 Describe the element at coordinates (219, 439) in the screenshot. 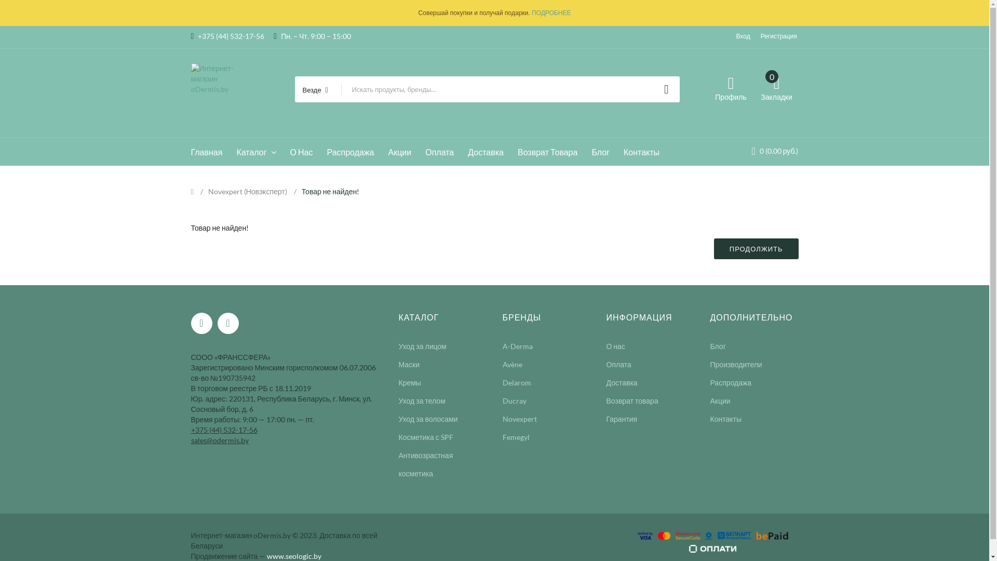

I see `'sales@odermis.by'` at that location.